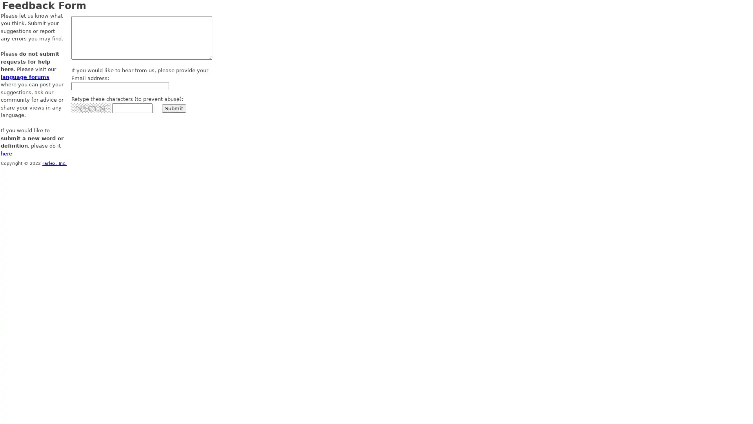 The image size is (753, 424). What do you see at coordinates (174, 108) in the screenshot?
I see `Submit` at bounding box center [174, 108].